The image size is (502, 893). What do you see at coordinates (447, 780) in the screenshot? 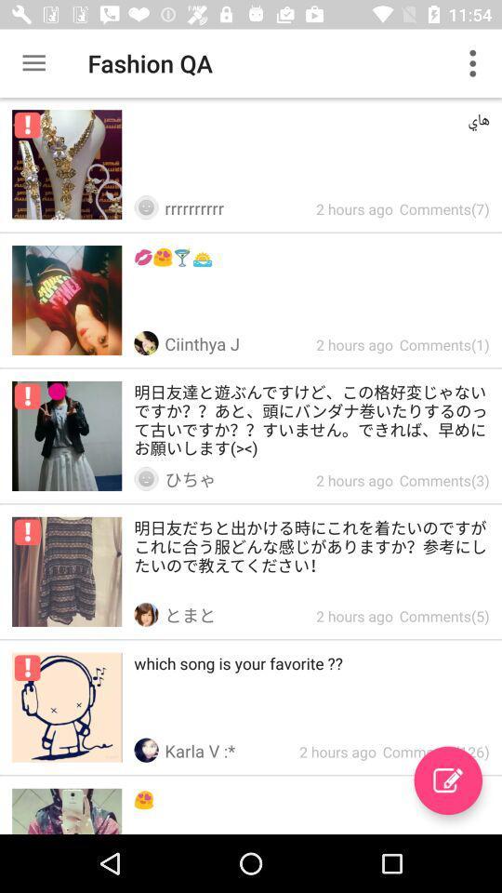
I see `the icon next to 2 hours ago` at bounding box center [447, 780].